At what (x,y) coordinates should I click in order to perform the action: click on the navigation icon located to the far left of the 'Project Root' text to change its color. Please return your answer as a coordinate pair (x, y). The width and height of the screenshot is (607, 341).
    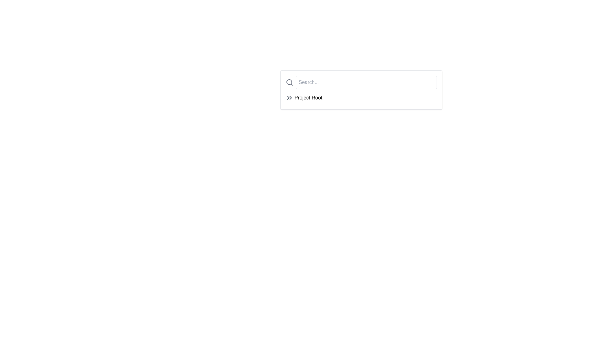
    Looking at the image, I should click on (289, 98).